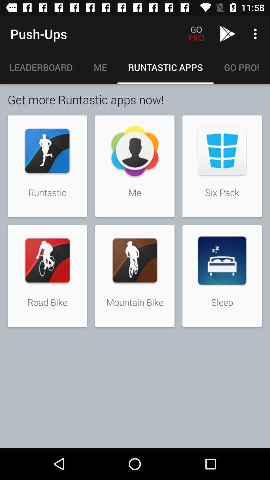 The height and width of the screenshot is (480, 270). What do you see at coordinates (41, 67) in the screenshot?
I see `icon above the get more runtastic` at bounding box center [41, 67].